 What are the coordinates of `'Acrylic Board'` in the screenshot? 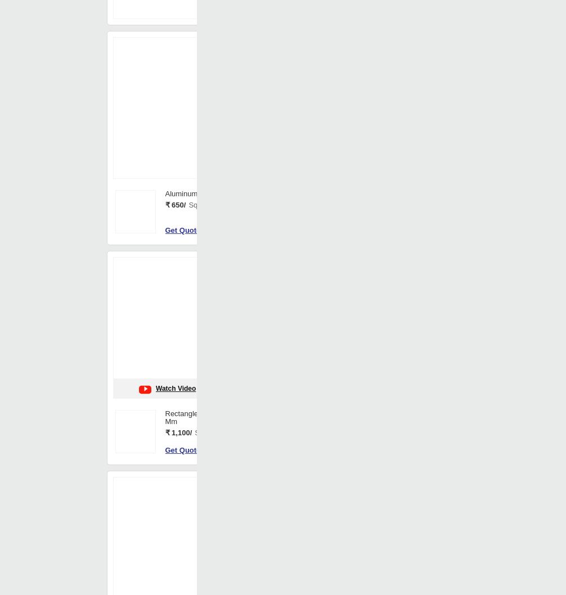 It's located at (444, 300).